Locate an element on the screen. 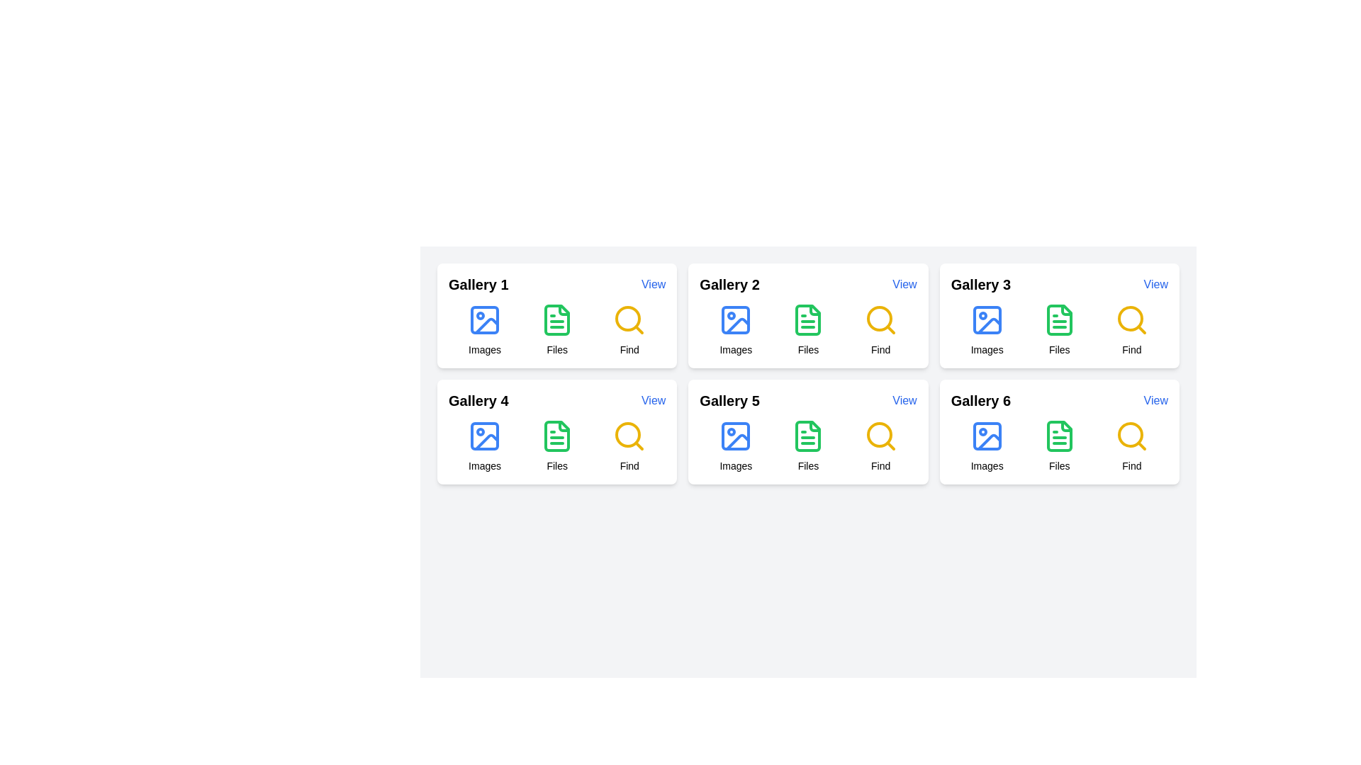 Image resolution: width=1361 pixels, height=765 pixels. the navigation link button located in the top-right corner of the 'Gallery 3' section is located at coordinates (1155, 284).